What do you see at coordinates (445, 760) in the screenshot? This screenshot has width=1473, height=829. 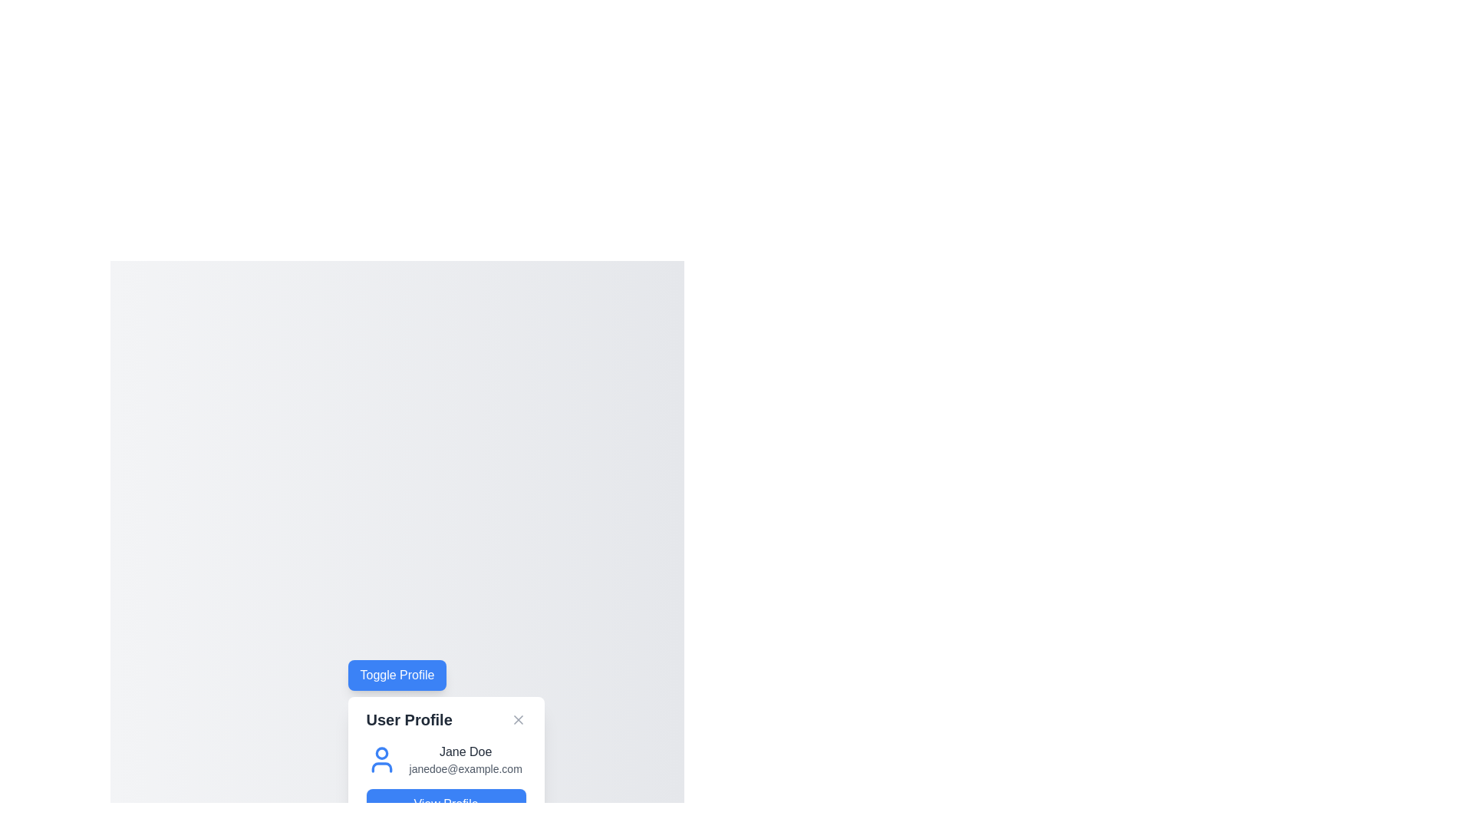 I see `the User Profile Summary element located beneath the 'User Profile' header` at bounding box center [445, 760].